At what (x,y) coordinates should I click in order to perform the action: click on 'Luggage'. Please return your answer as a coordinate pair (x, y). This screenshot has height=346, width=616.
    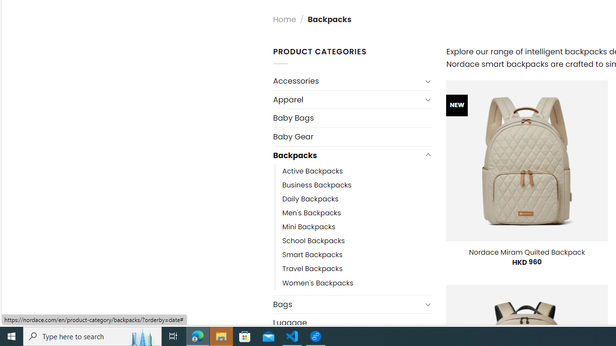
    Looking at the image, I should click on (352, 323).